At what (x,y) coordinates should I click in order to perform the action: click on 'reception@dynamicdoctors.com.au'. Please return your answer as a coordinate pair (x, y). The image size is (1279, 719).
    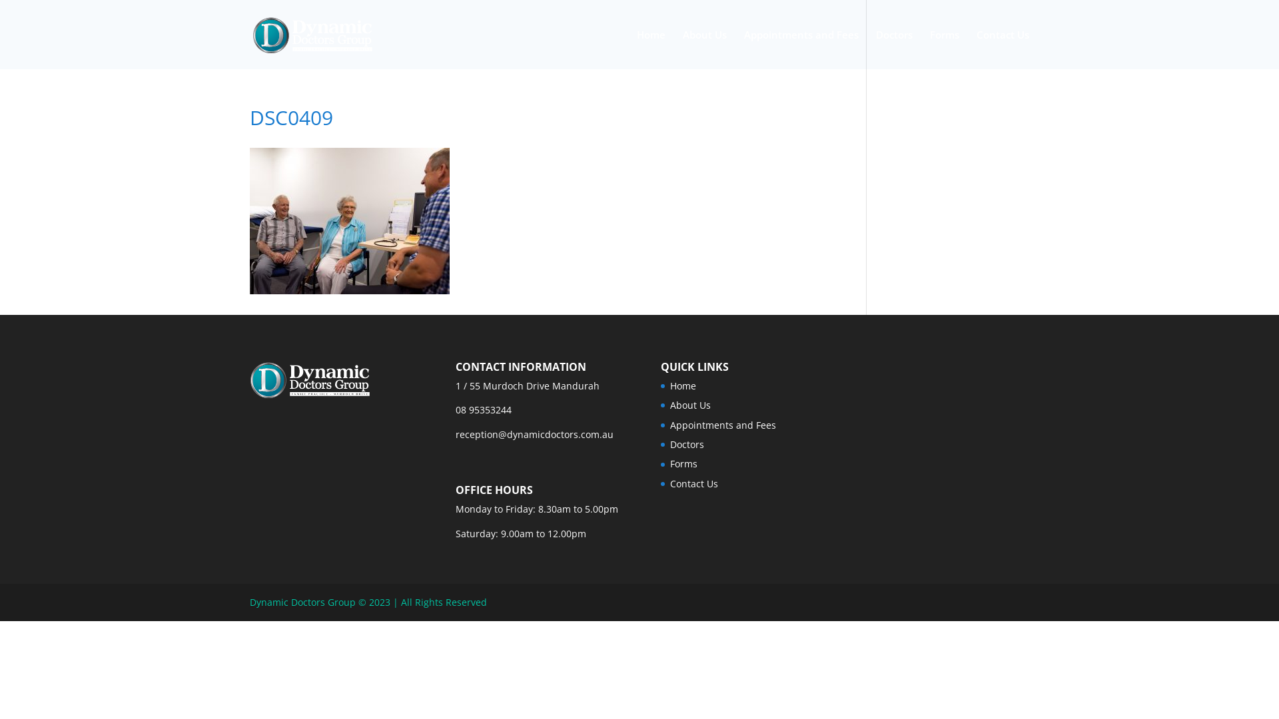
    Looking at the image, I should click on (534, 434).